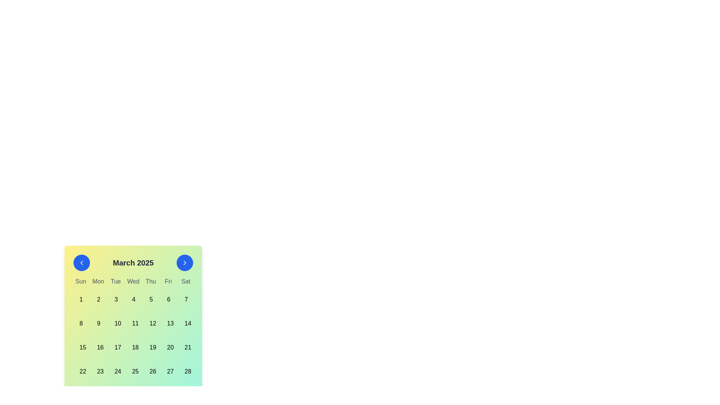 The height and width of the screenshot is (405, 720). Describe the element at coordinates (185, 262) in the screenshot. I see `the rightward-pointing chevron icon with a blue circular background located at the top-right corner of the calendar component` at that location.